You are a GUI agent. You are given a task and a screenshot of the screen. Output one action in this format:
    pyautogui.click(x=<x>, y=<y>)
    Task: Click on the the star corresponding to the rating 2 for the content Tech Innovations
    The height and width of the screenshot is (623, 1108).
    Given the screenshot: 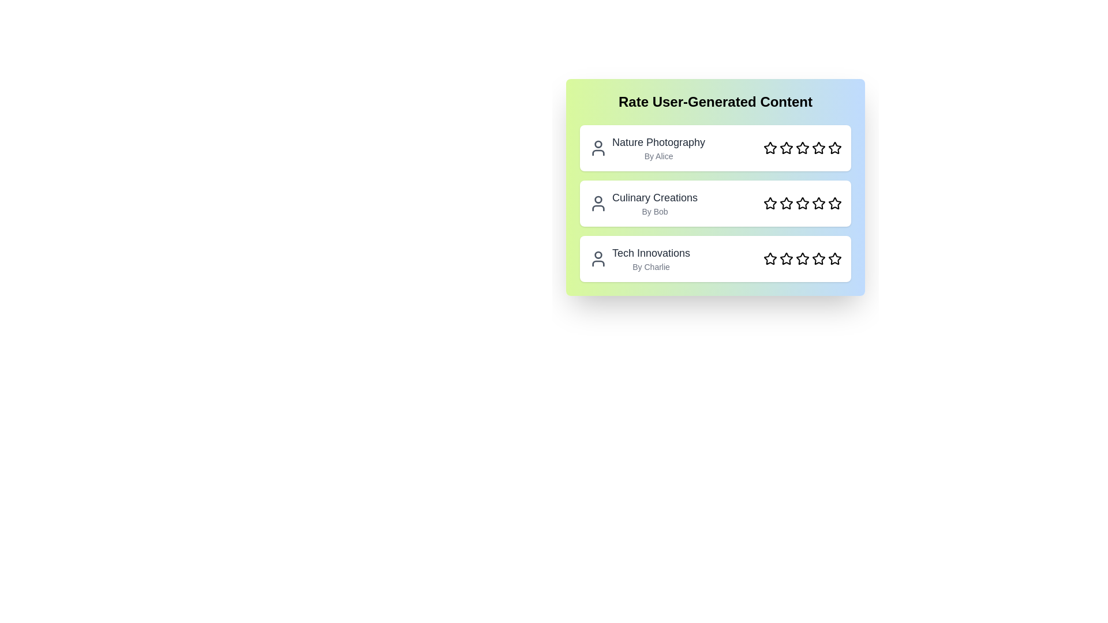 What is the action you would take?
    pyautogui.click(x=786, y=258)
    